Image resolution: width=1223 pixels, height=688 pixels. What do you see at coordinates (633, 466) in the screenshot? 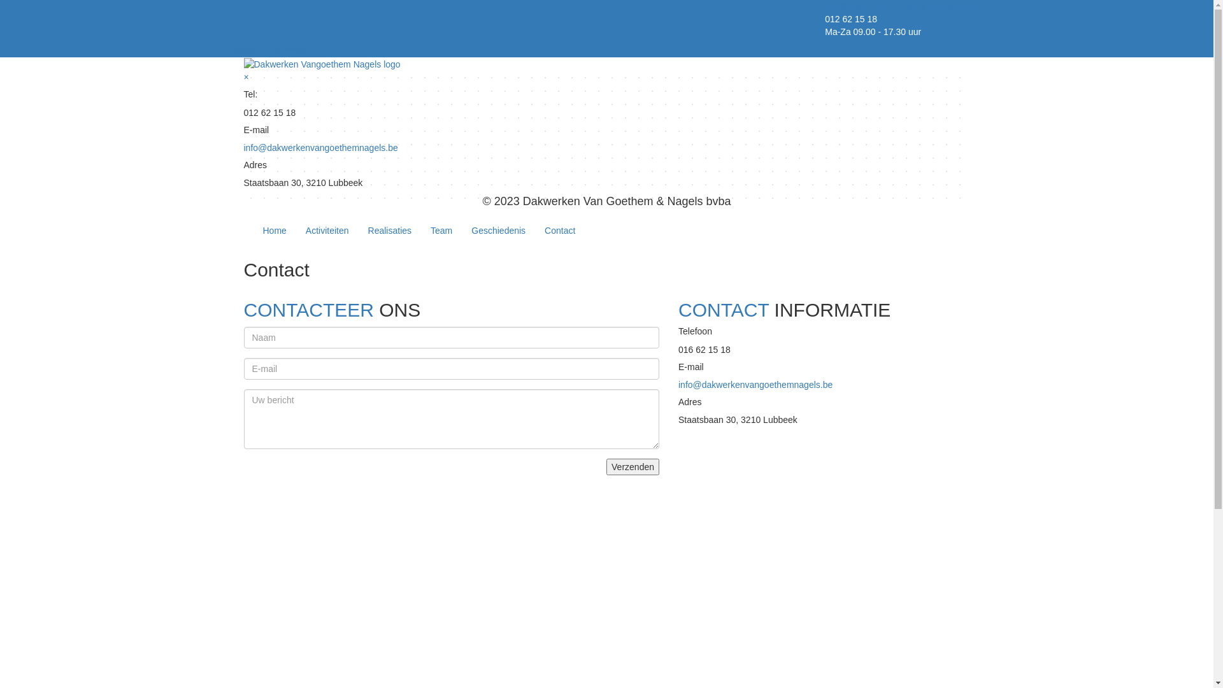
I see `'Verzenden'` at bounding box center [633, 466].